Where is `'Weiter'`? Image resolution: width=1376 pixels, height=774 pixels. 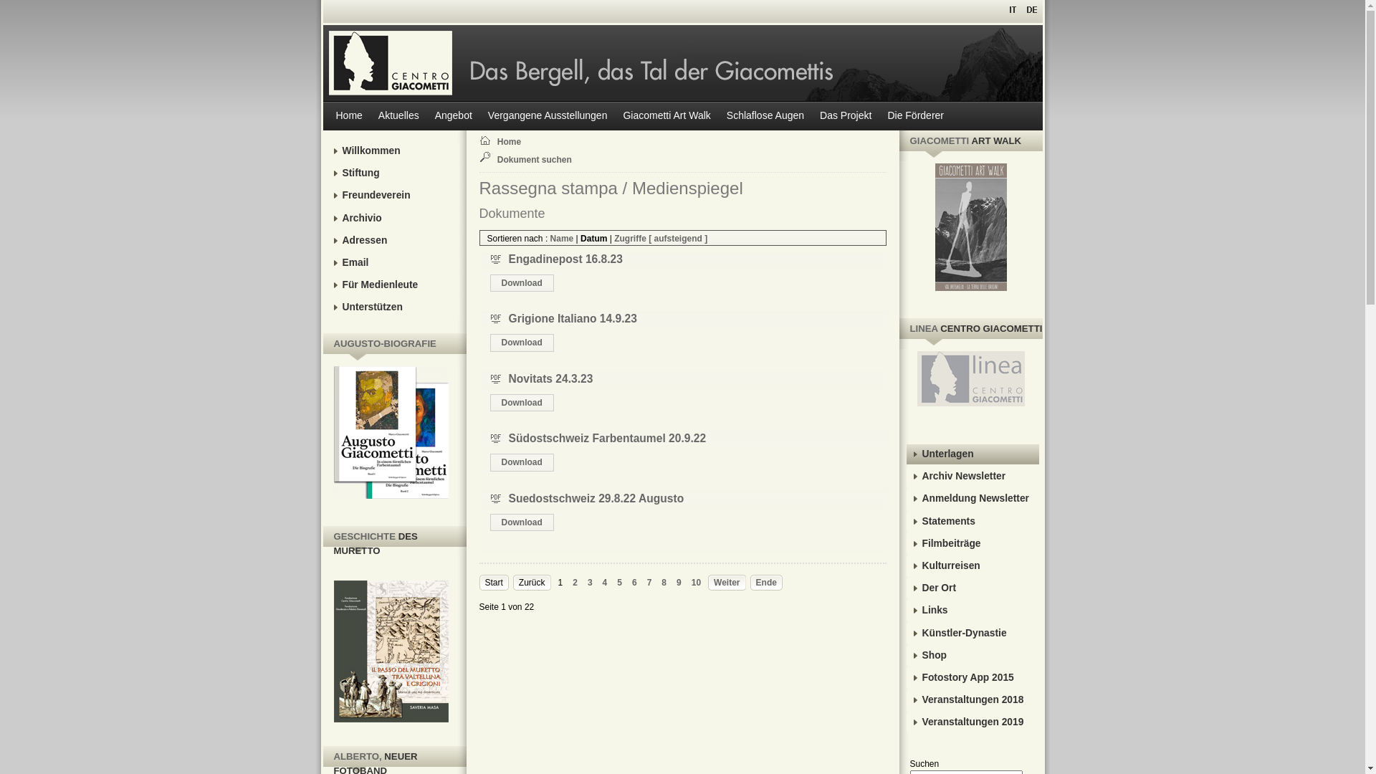 'Weiter' is located at coordinates (726, 583).